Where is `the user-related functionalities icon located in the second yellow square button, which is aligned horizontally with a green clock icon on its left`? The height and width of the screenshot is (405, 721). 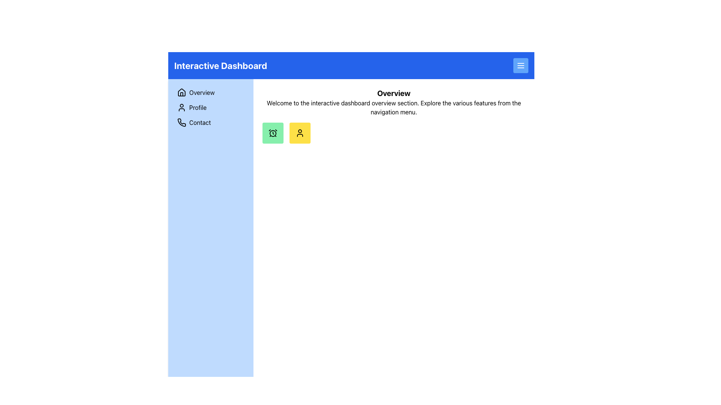
the user-related functionalities icon located in the second yellow square button, which is aligned horizontally with a green clock icon on its left is located at coordinates (299, 132).